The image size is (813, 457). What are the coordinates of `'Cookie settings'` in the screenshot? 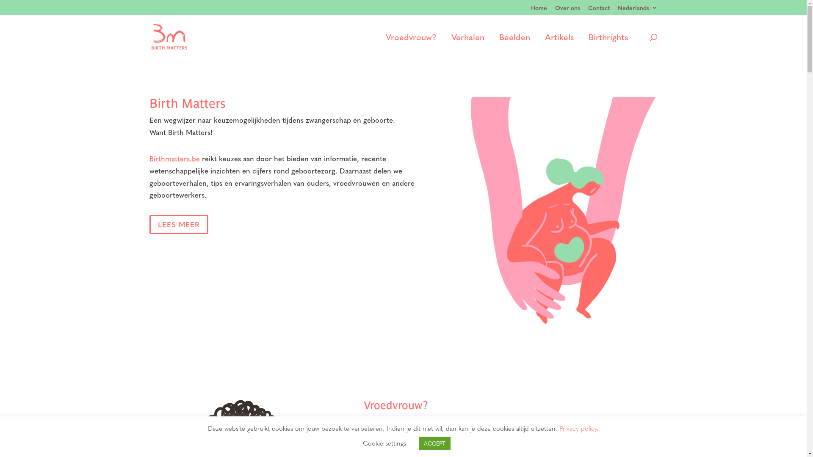 It's located at (362, 442).